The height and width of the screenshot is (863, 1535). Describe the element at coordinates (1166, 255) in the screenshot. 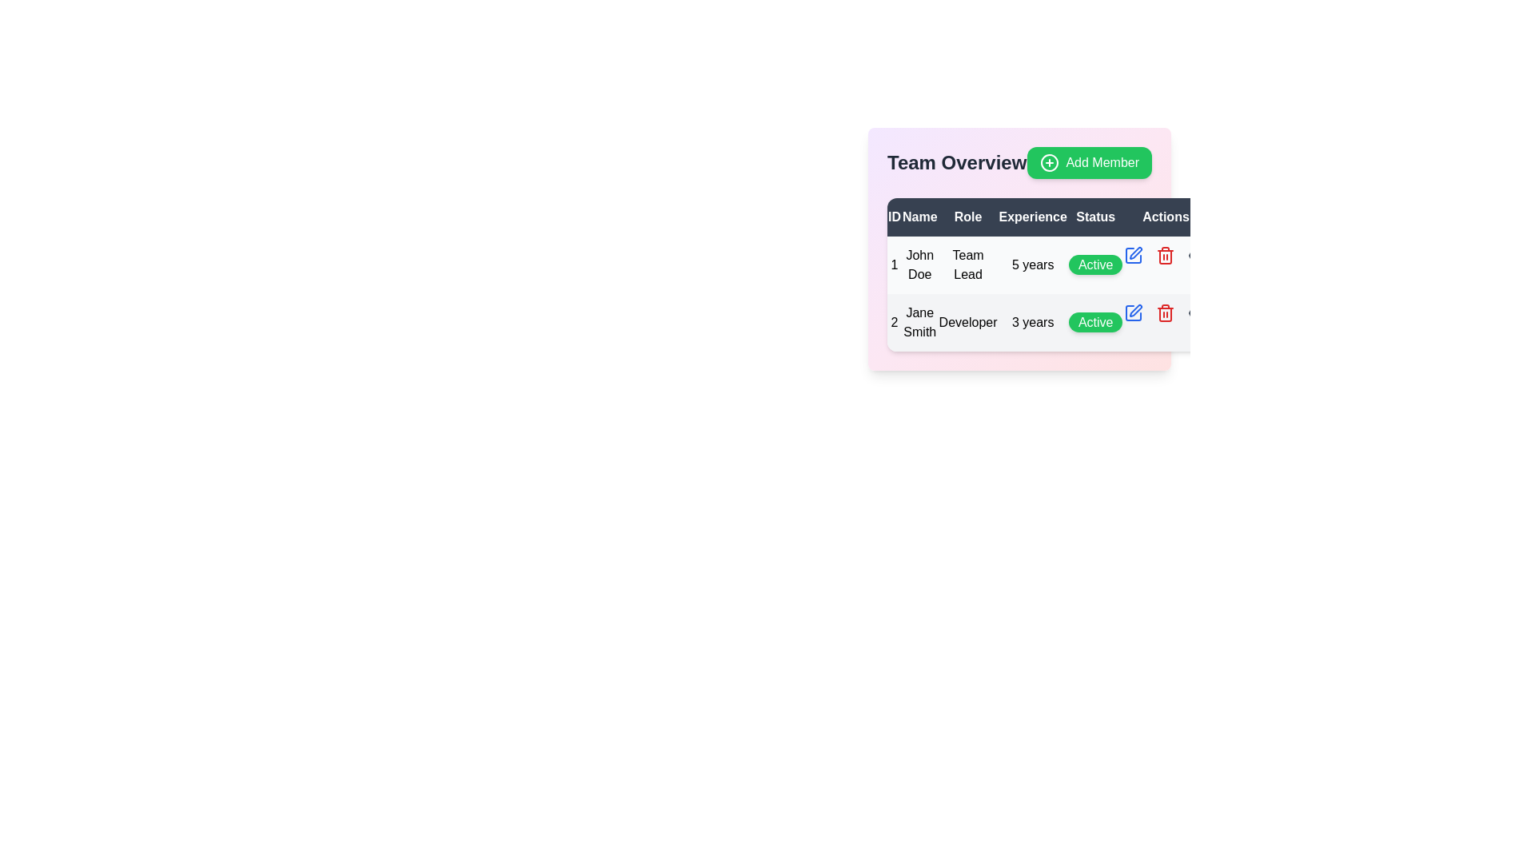

I see `the delete Icon Button located in the 'Actions' column of the second row, to the right of the blue edit pen icon` at that location.